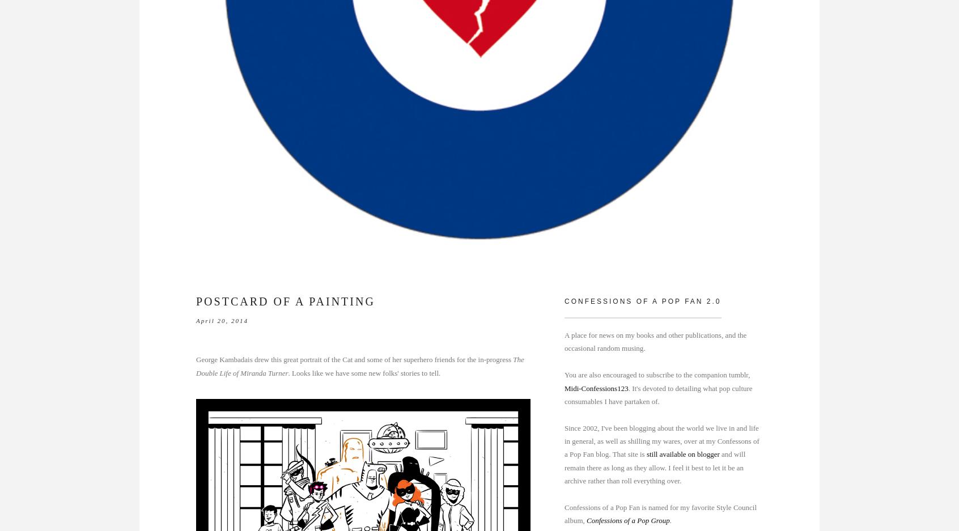  What do you see at coordinates (642, 300) in the screenshot?
I see `'CONFESSIONS OF A POP FAN 2.0'` at bounding box center [642, 300].